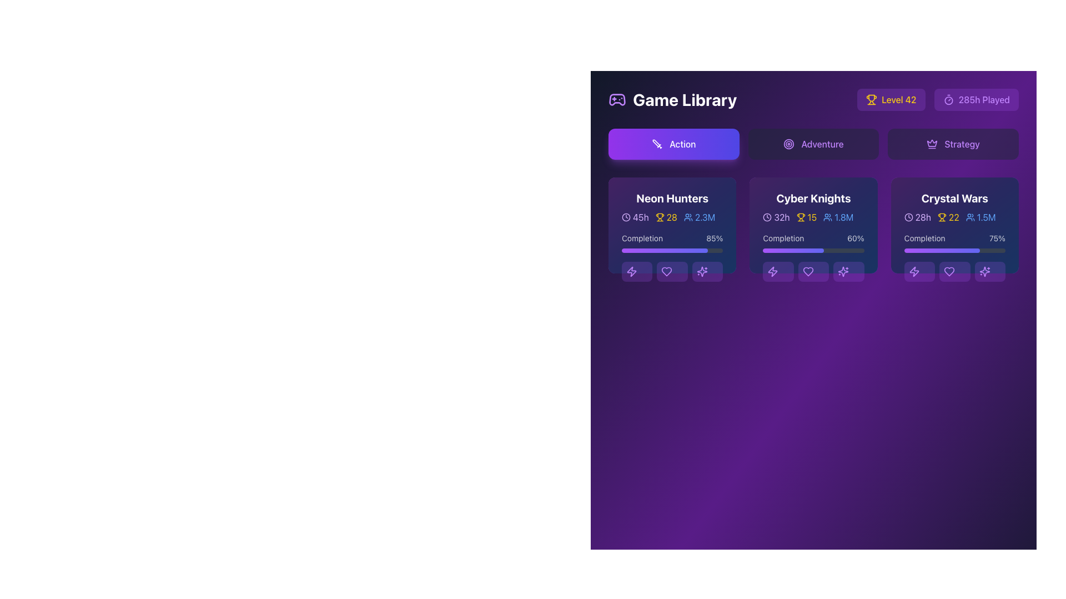 The width and height of the screenshot is (1066, 599). Describe the element at coordinates (672, 100) in the screenshot. I see `the header or title icon for the 'Game Library' section` at that location.